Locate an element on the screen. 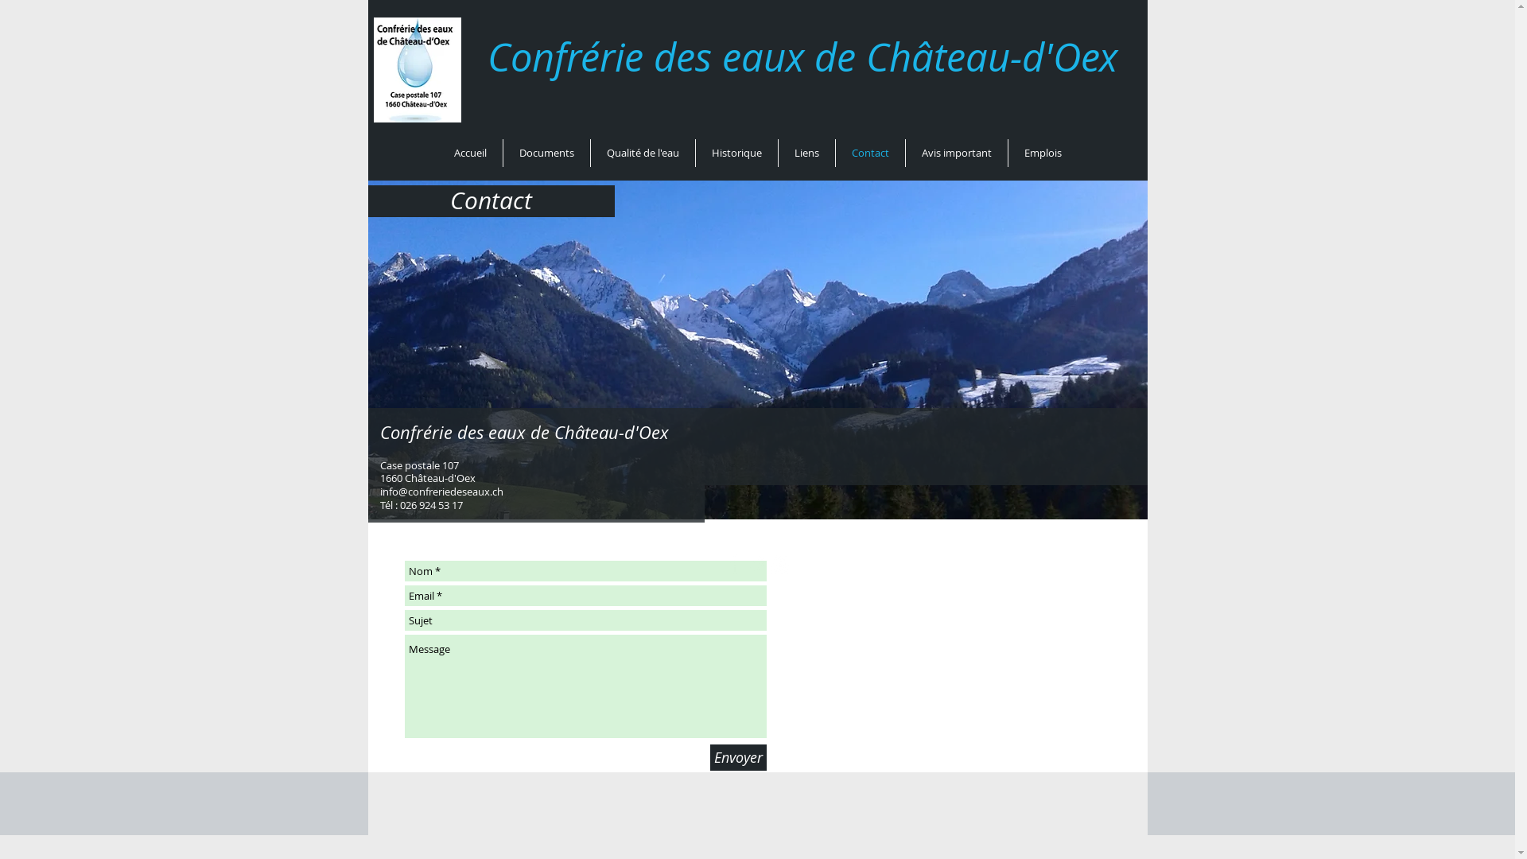 This screenshot has width=1527, height=859. 'Liens' is located at coordinates (806, 153).